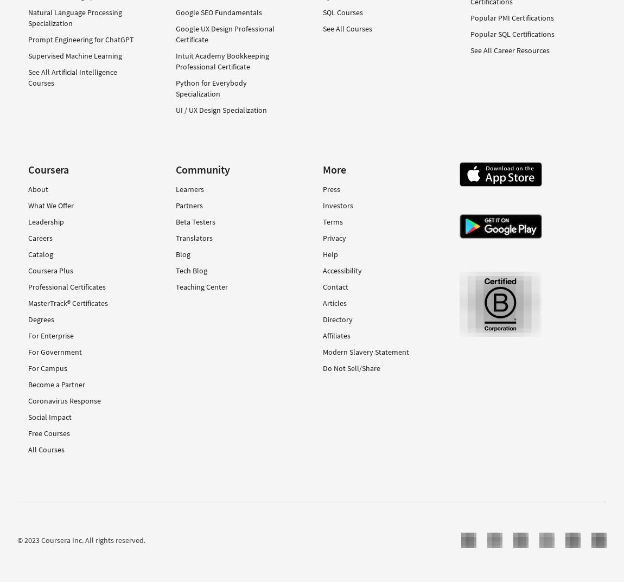 This screenshot has height=582, width=624. What do you see at coordinates (334, 302) in the screenshot?
I see `'Articles'` at bounding box center [334, 302].